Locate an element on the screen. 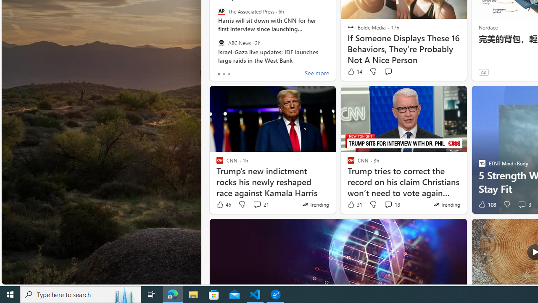  'tab-0' is located at coordinates (219, 74).